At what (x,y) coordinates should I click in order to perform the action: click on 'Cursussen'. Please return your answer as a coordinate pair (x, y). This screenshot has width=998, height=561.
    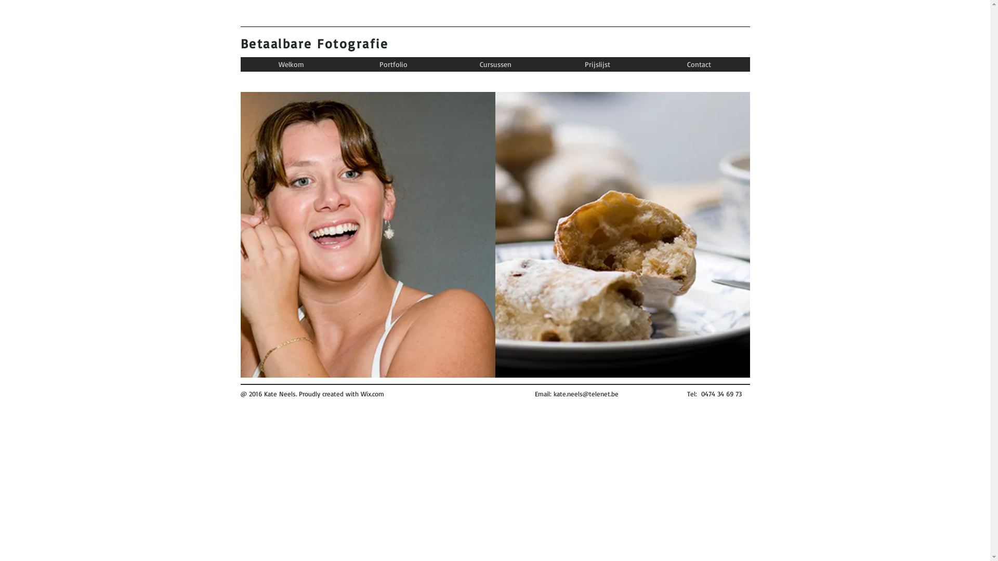
    Looking at the image, I should click on (494, 64).